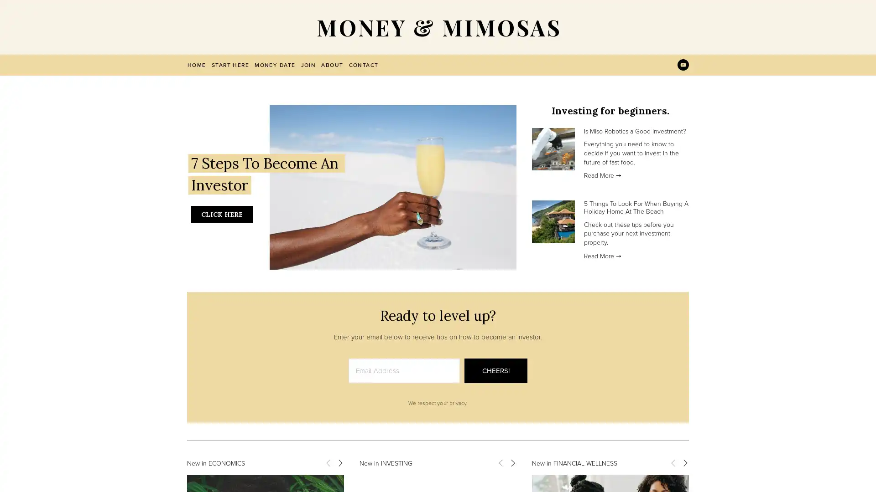 The width and height of the screenshot is (876, 492). I want to click on Previous, so click(500, 462).